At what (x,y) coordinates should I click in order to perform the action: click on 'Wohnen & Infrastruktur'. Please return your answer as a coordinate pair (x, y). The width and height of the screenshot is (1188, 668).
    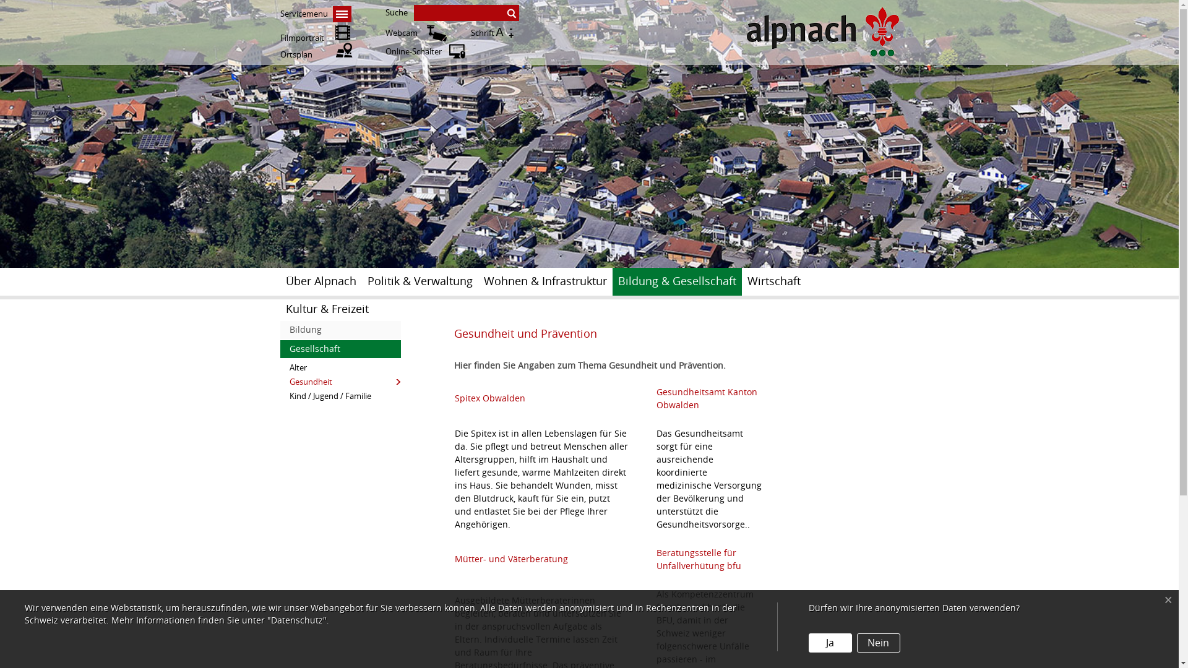
    Looking at the image, I should click on (544, 281).